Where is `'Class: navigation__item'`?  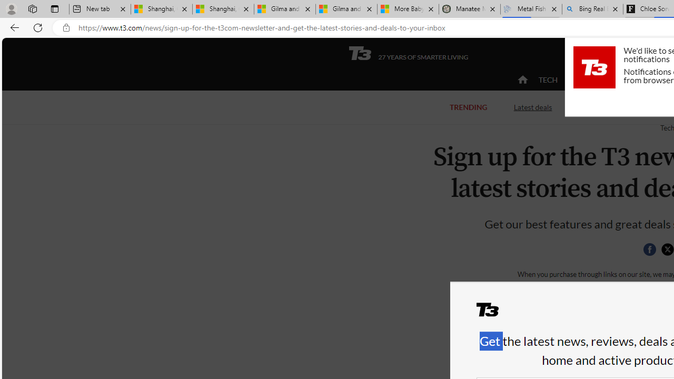 'Class: navigation__item' is located at coordinates (521, 79).